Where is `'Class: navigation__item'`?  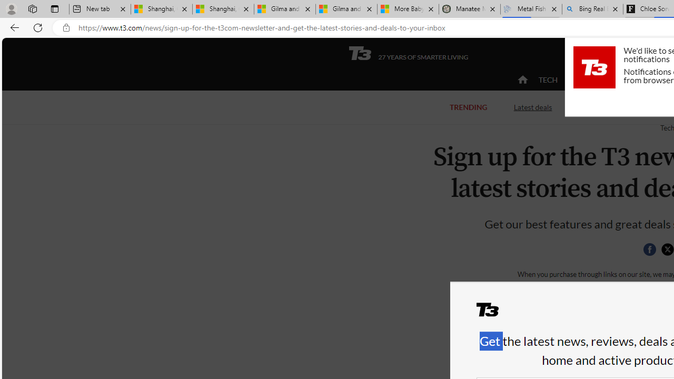 'Class: navigation__item' is located at coordinates (521, 79).